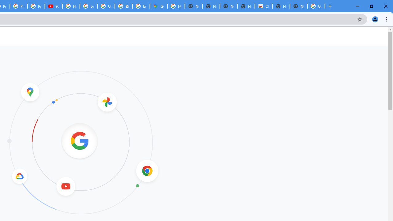 This screenshot has height=221, width=393. I want to click on 'Chrome Web Store', so click(263, 6).